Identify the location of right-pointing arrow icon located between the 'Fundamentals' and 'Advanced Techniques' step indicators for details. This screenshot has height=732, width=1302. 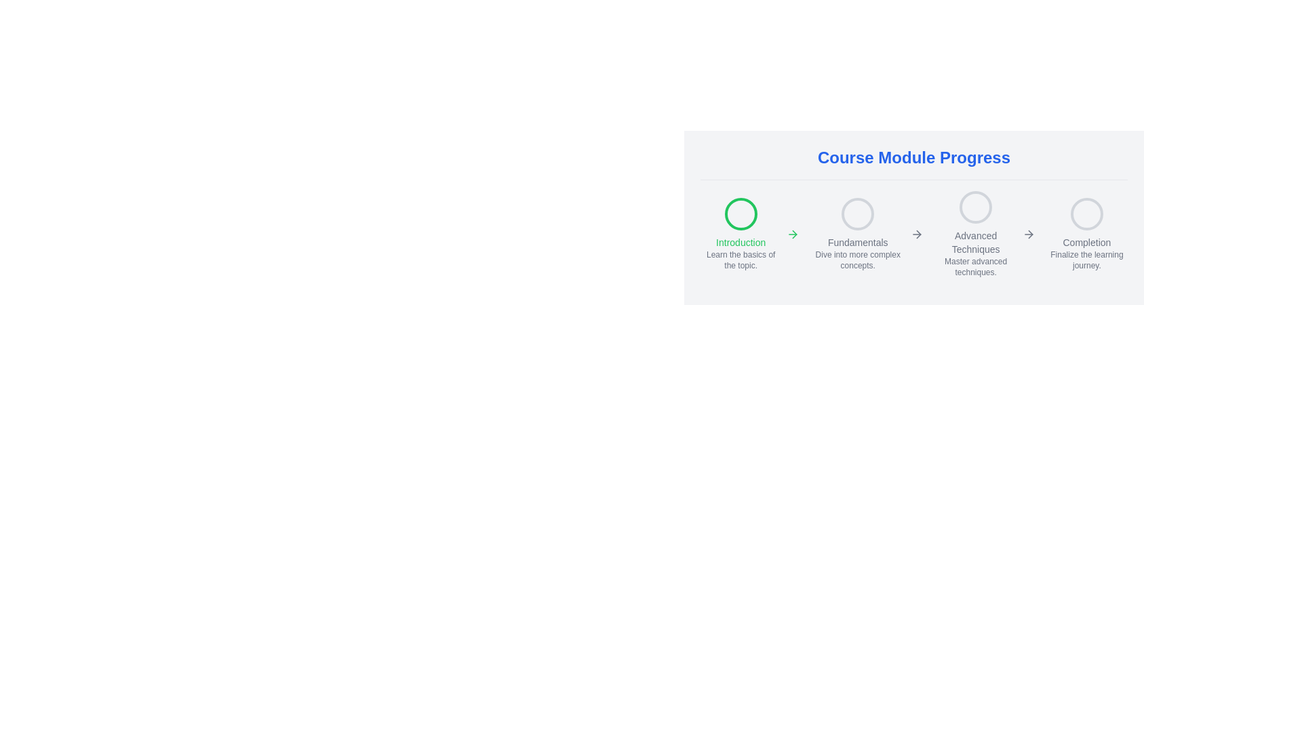
(1031, 234).